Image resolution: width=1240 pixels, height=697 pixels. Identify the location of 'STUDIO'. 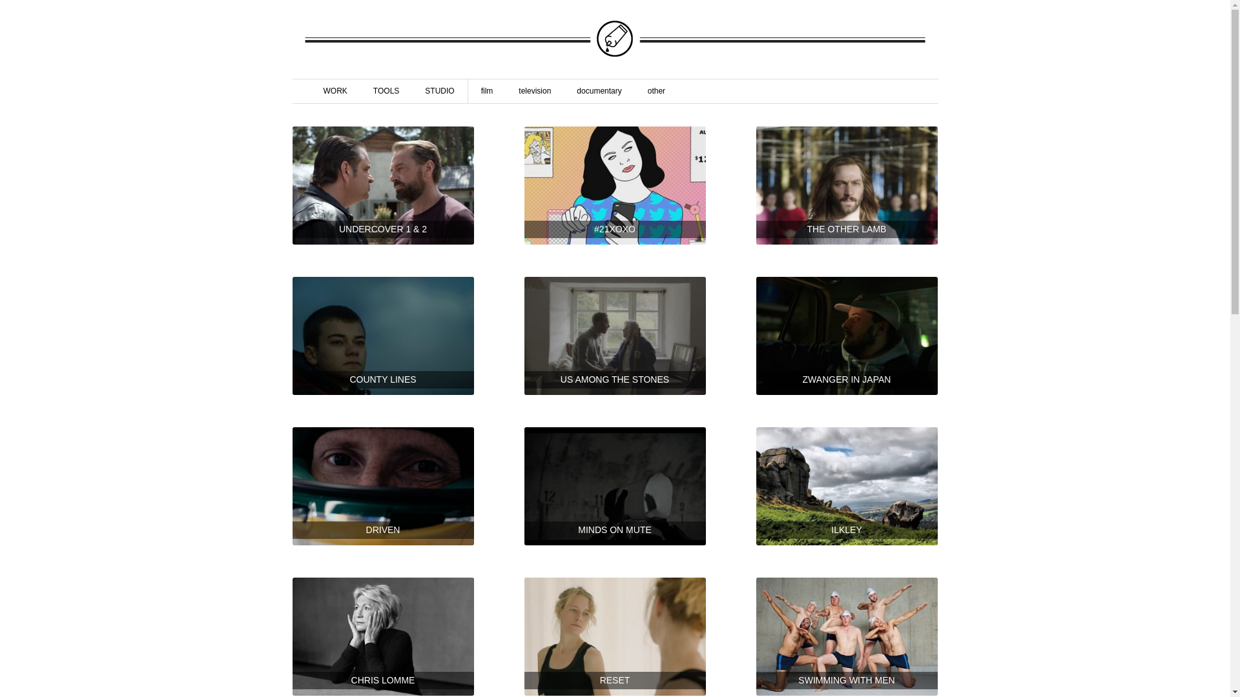
(439, 90).